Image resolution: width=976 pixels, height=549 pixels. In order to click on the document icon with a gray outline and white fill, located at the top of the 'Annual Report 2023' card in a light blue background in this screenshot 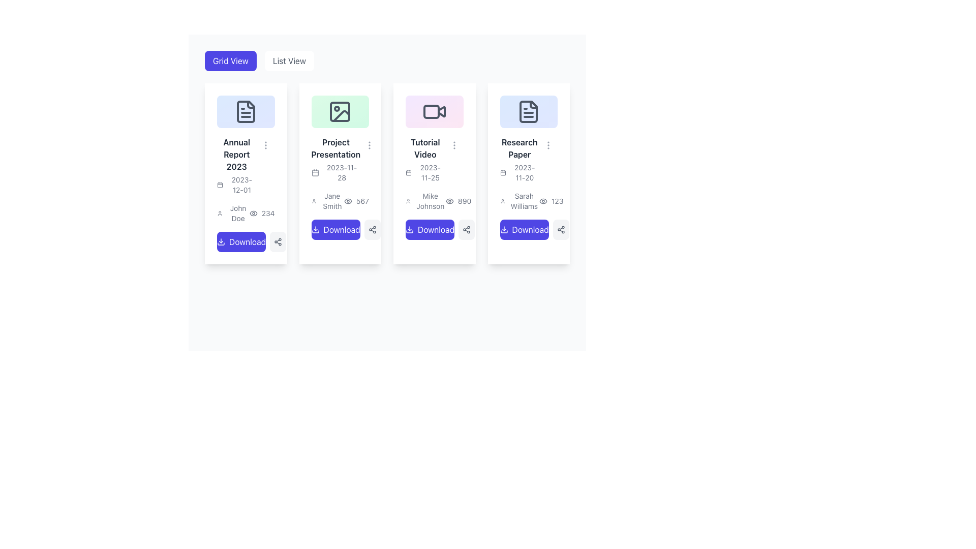, I will do `click(246, 111)`.